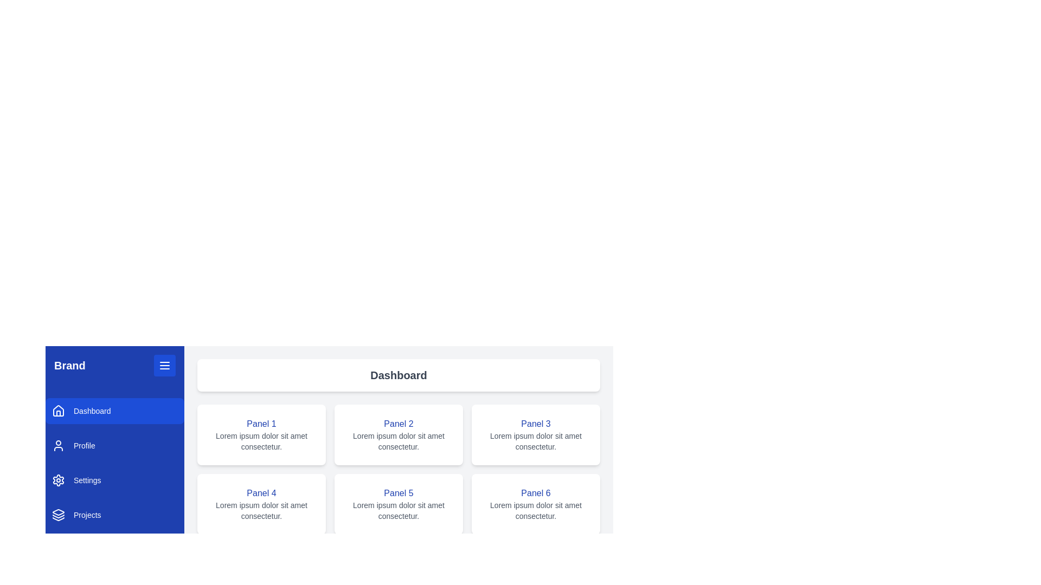  Describe the element at coordinates (114, 480) in the screenshot. I see `the third menu item in the vertical list, which serves as a navigational option` at that location.